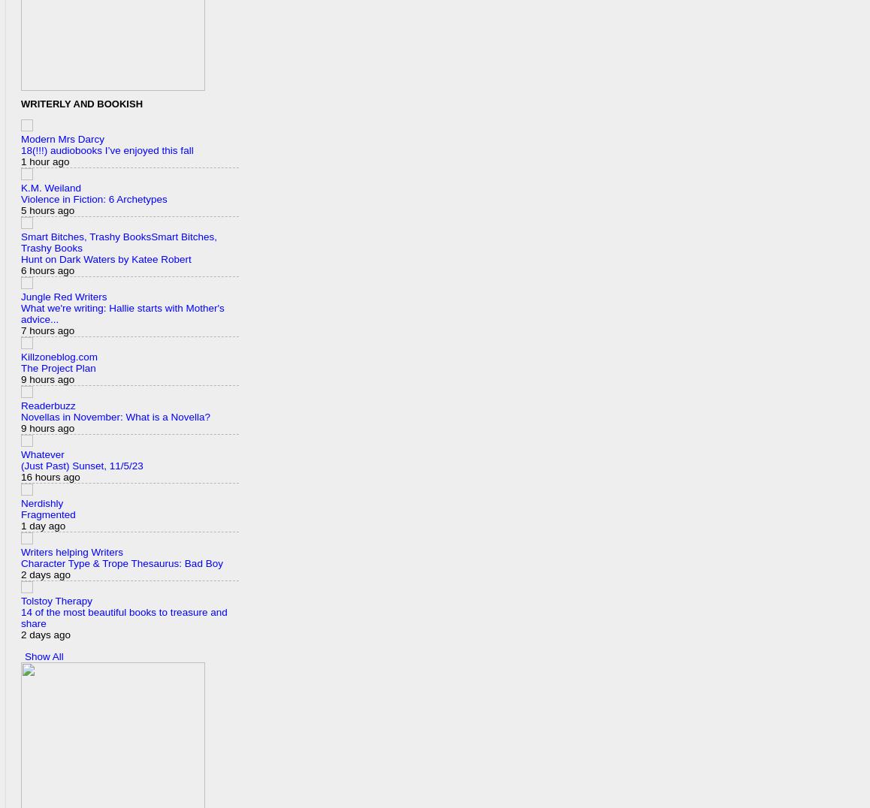 The image size is (870, 808). I want to click on 'Show All', so click(43, 656).